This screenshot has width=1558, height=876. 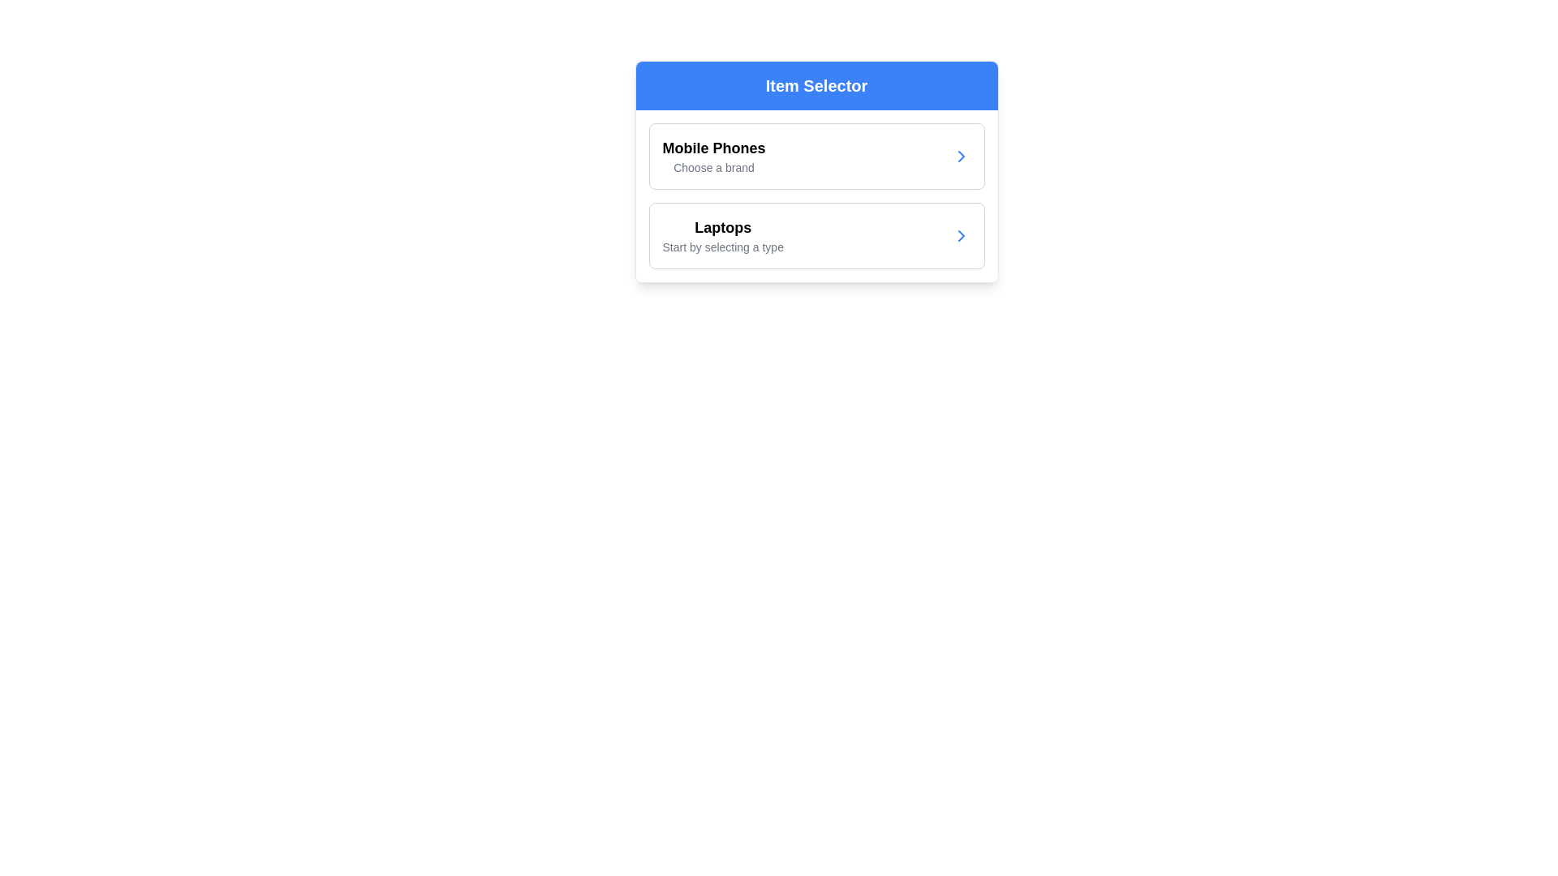 I want to click on the interactive arrow icon located in the second row of the cards section, aligned to the right side, so click(x=961, y=156).